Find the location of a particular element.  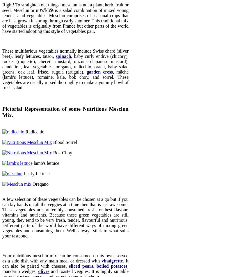

'These multifarious vegetables normally include Swiss chard (silver beet), leafy lettuces, tatsoi,' is located at coordinates (2, 53).